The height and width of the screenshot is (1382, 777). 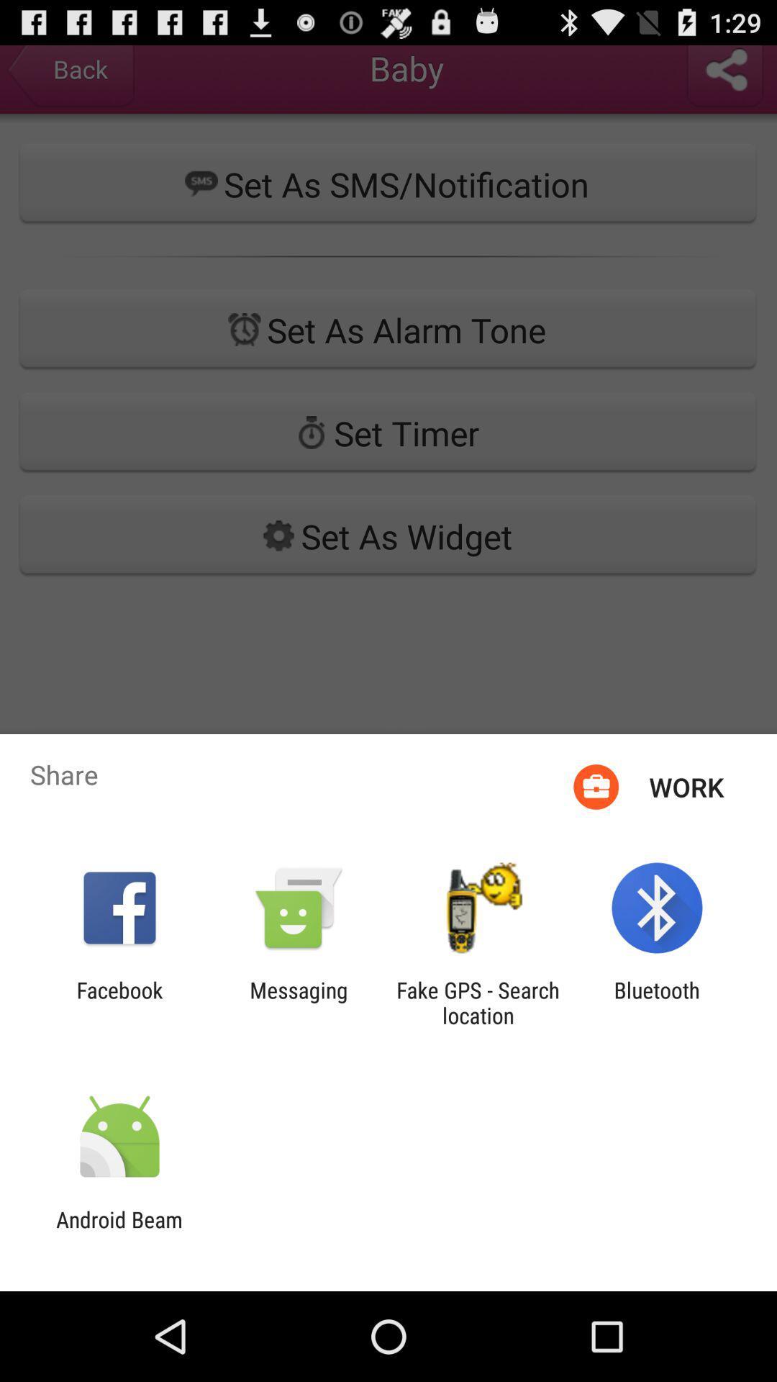 What do you see at coordinates (657, 1002) in the screenshot?
I see `the bluetooth at the bottom right corner` at bounding box center [657, 1002].